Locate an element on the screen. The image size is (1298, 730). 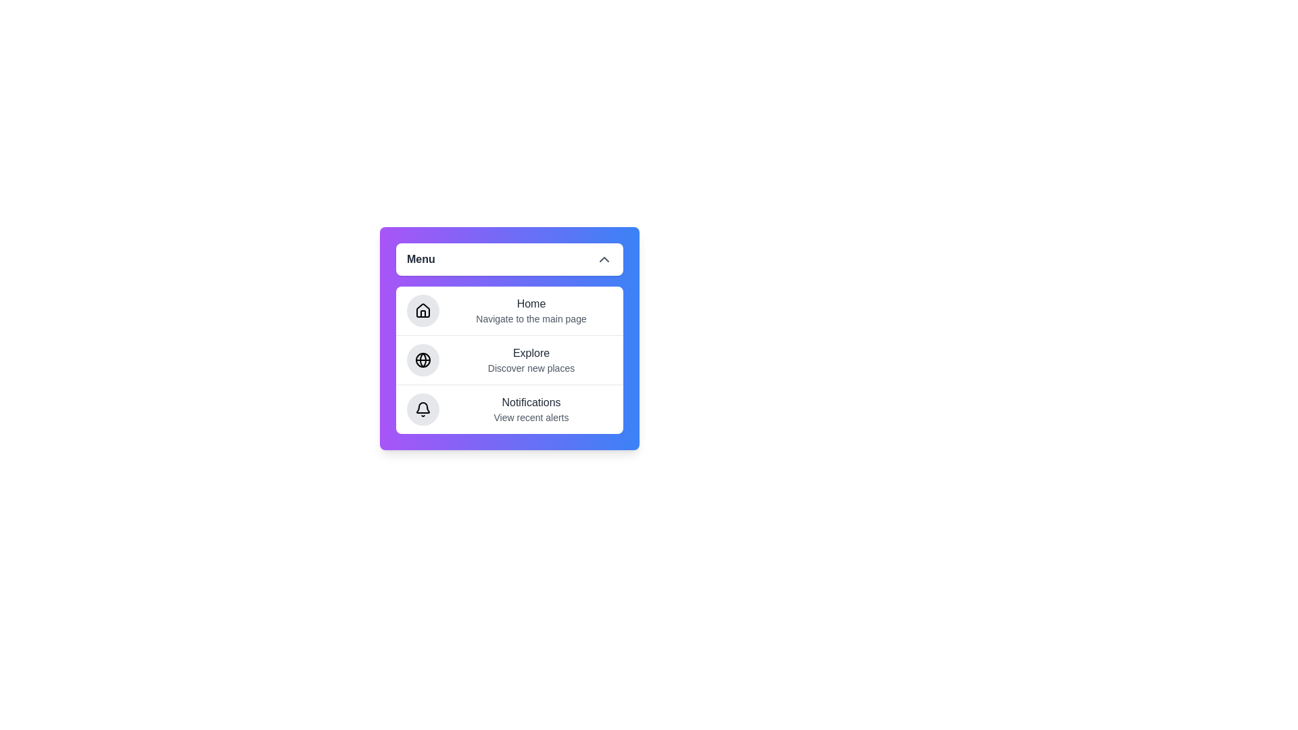
the 'Notifications' option in the menu is located at coordinates (508, 408).